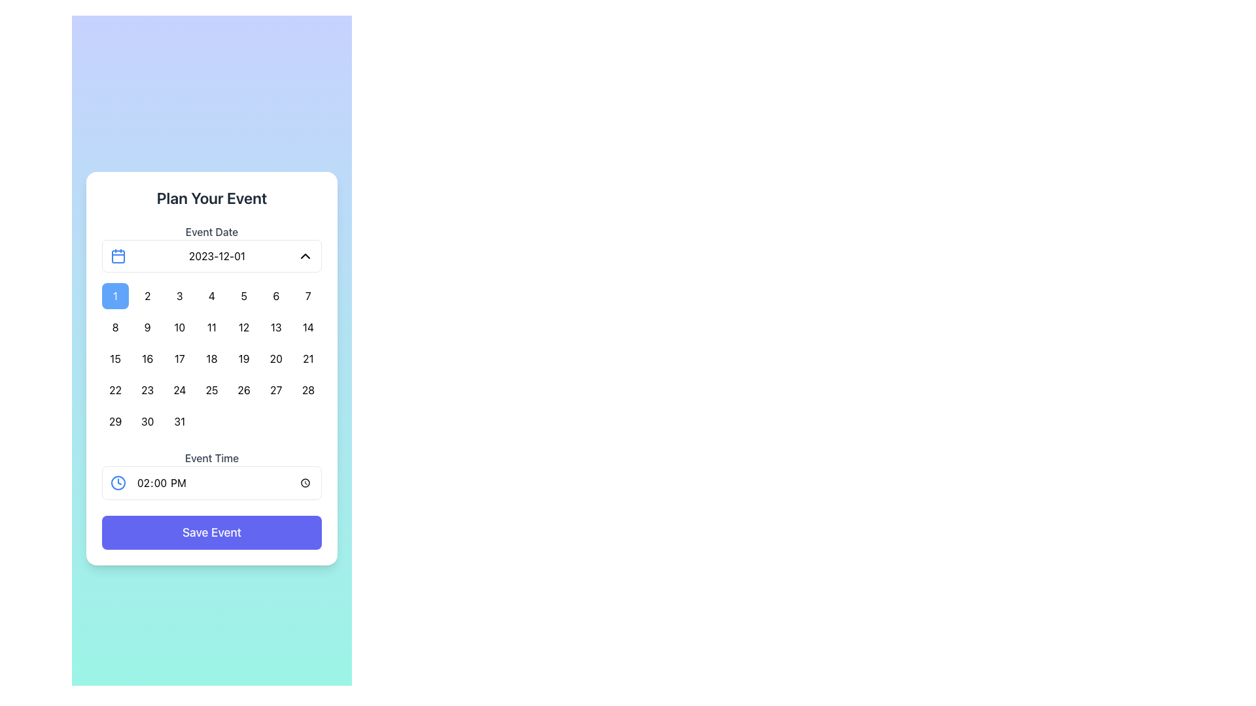 The width and height of the screenshot is (1256, 706). Describe the element at coordinates (179, 421) in the screenshot. I see `the button that signifies the 31st day in the calendar view` at that location.